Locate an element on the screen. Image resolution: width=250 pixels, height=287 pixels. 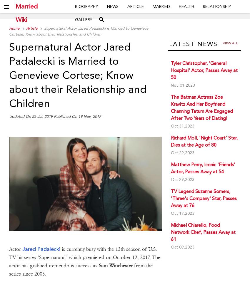
'Sam Winchester' is located at coordinates (115, 265).